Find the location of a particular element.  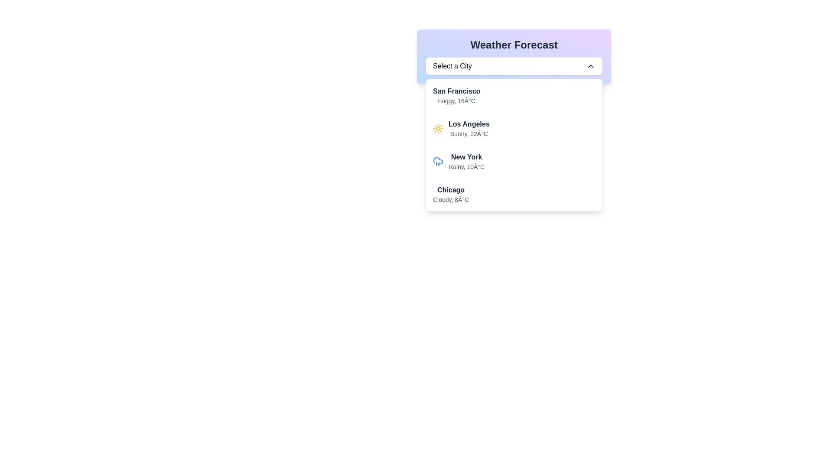

displayed weather information for 'New York', which includes the city name in bold black font and the weather summary 'Rainy, 10°C' in smaller gray text, located within the dropdown list under 'Weather Forecast' is located at coordinates (466, 162).